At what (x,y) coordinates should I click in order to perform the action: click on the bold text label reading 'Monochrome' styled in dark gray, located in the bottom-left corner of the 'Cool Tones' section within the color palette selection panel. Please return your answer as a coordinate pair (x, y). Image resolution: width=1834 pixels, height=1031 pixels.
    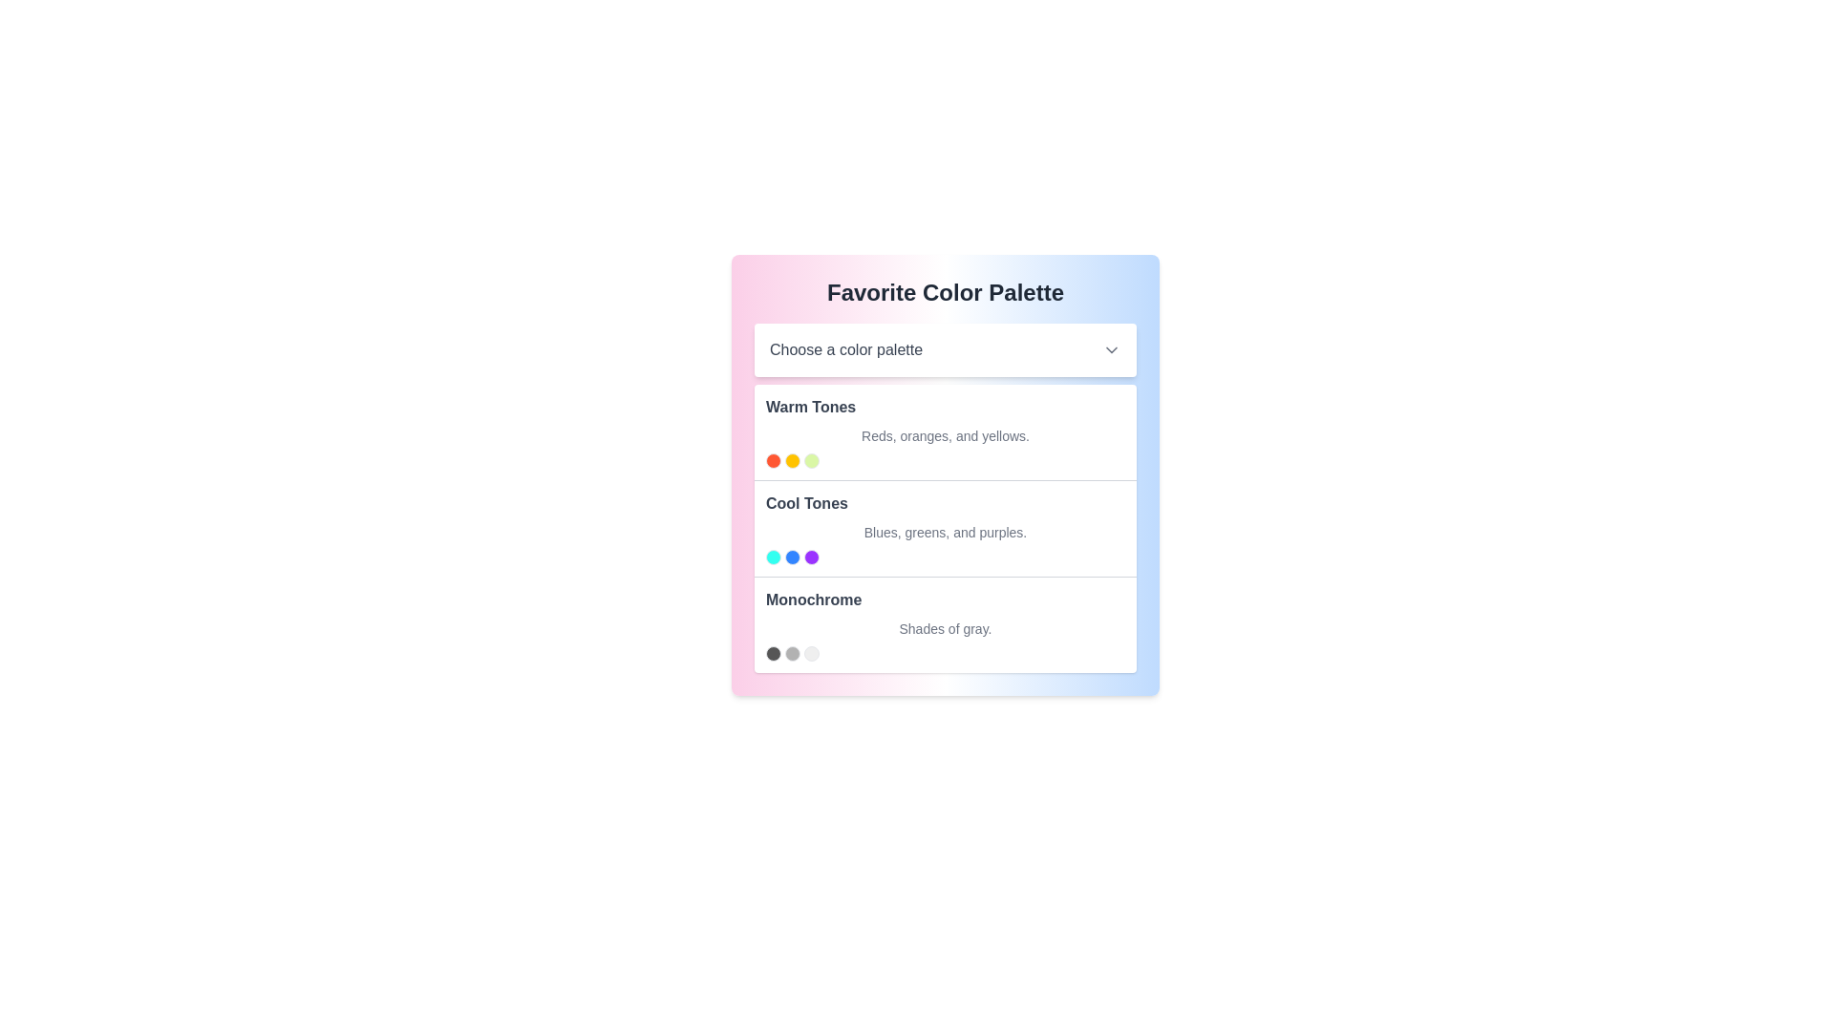
    Looking at the image, I should click on (814, 599).